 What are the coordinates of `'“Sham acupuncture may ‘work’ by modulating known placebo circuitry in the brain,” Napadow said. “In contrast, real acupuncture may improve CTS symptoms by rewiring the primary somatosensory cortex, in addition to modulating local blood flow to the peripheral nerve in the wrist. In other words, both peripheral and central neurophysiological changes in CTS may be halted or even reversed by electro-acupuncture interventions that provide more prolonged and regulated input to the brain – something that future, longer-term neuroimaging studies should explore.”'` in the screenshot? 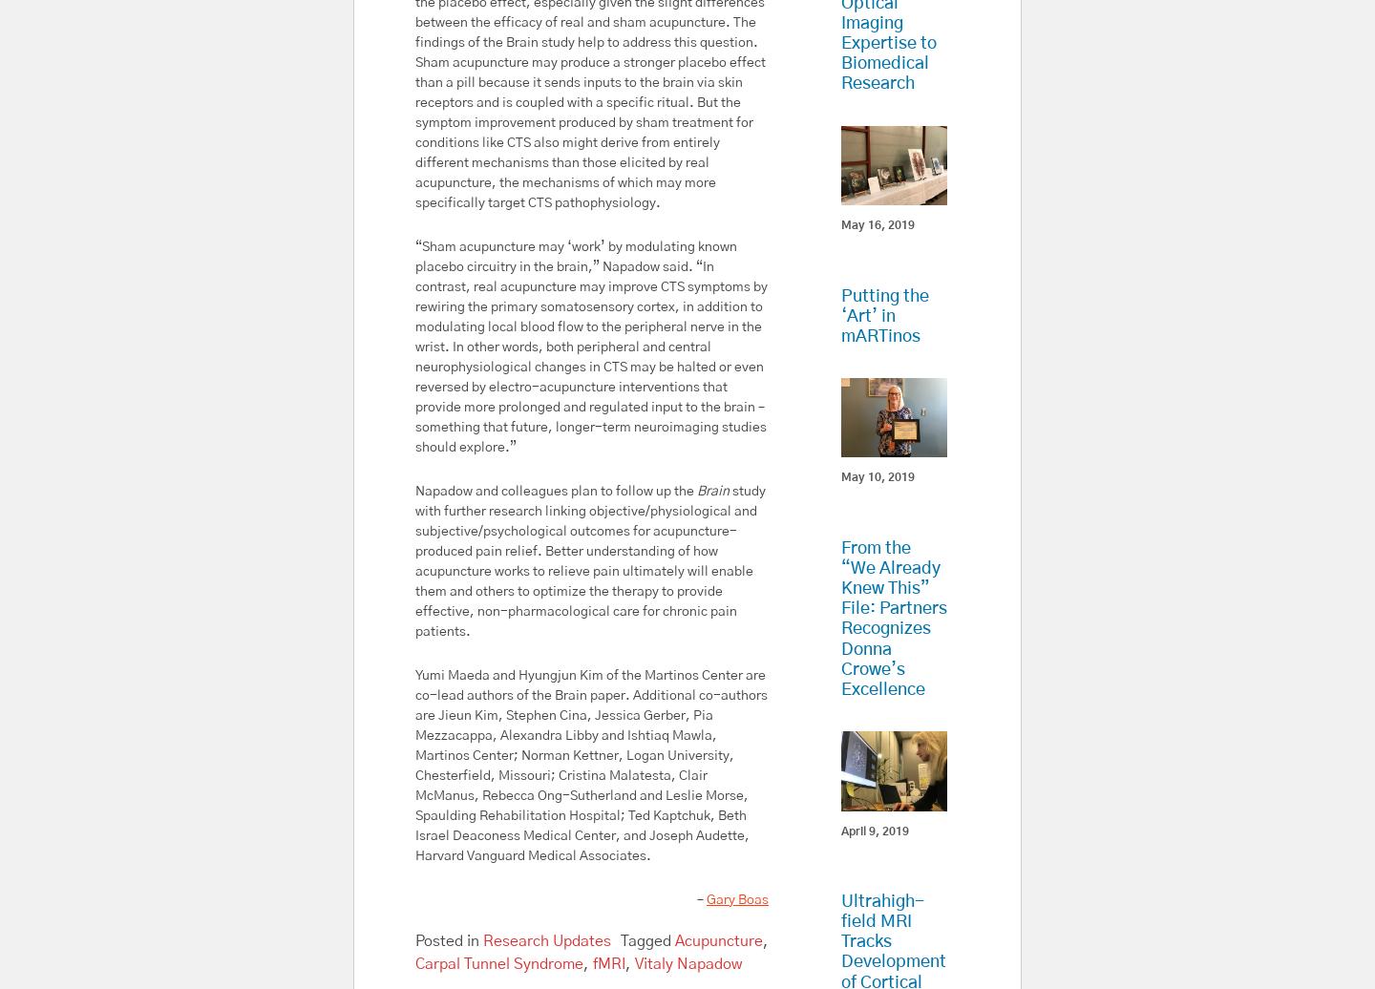 It's located at (590, 347).